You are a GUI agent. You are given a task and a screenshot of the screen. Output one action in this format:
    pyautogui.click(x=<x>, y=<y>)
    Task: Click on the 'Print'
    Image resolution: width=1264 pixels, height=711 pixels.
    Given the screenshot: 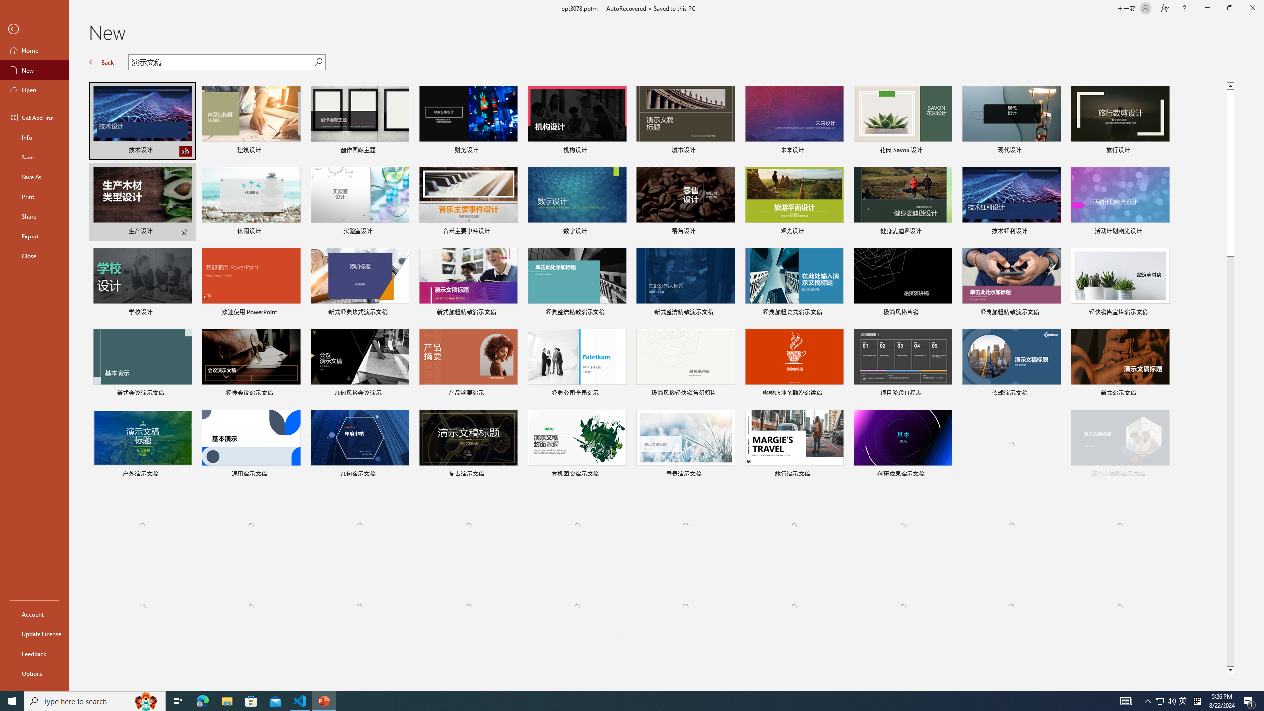 What is the action you would take?
    pyautogui.click(x=34, y=196)
    